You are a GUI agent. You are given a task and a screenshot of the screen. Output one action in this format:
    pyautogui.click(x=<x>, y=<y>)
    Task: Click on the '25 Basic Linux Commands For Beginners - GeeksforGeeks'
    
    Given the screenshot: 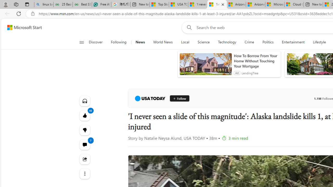 What is the action you would take?
    pyautogui.click(x=63, y=4)
    